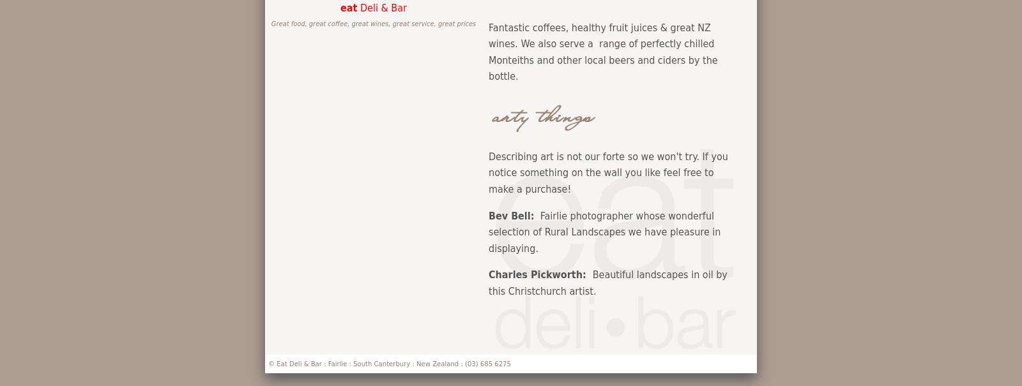 The height and width of the screenshot is (386, 1022). Describe the element at coordinates (347, 7) in the screenshot. I see `'eat'` at that location.